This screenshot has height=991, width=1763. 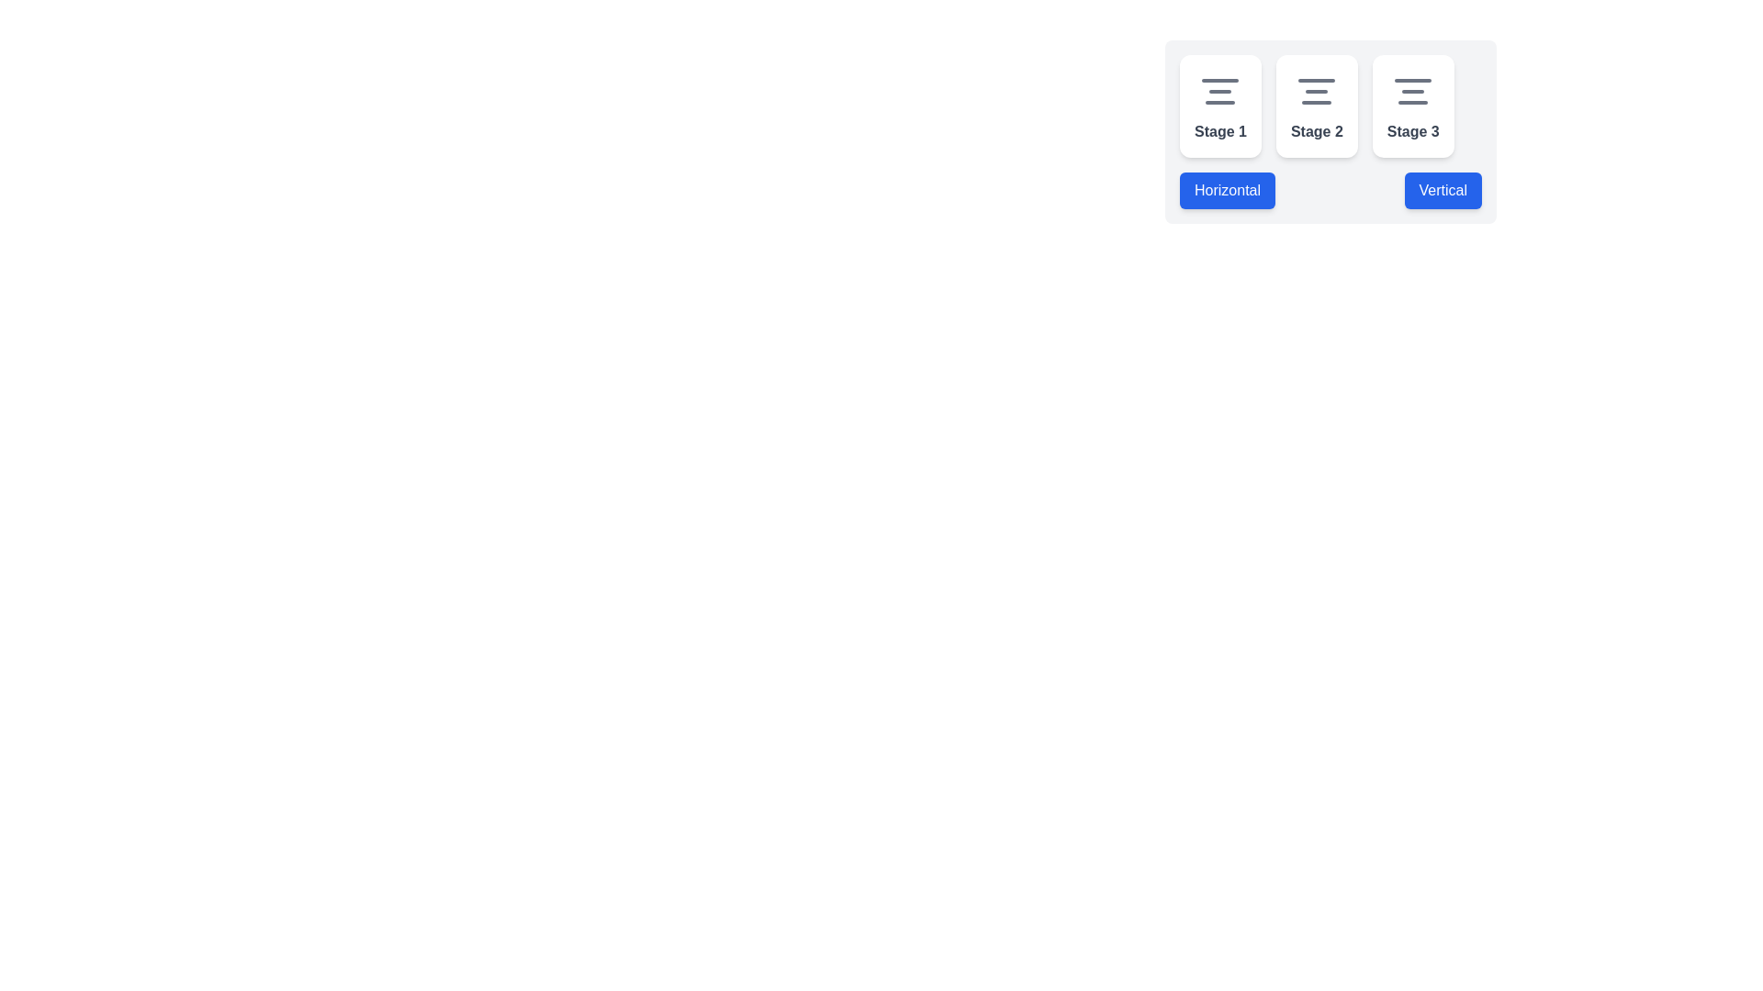 I want to click on the vertically centered SVG graphic icon representing alignment, which features three horizontal lines of varying lengths, located within the white card labeled 'Stage 2', so click(x=1316, y=92).